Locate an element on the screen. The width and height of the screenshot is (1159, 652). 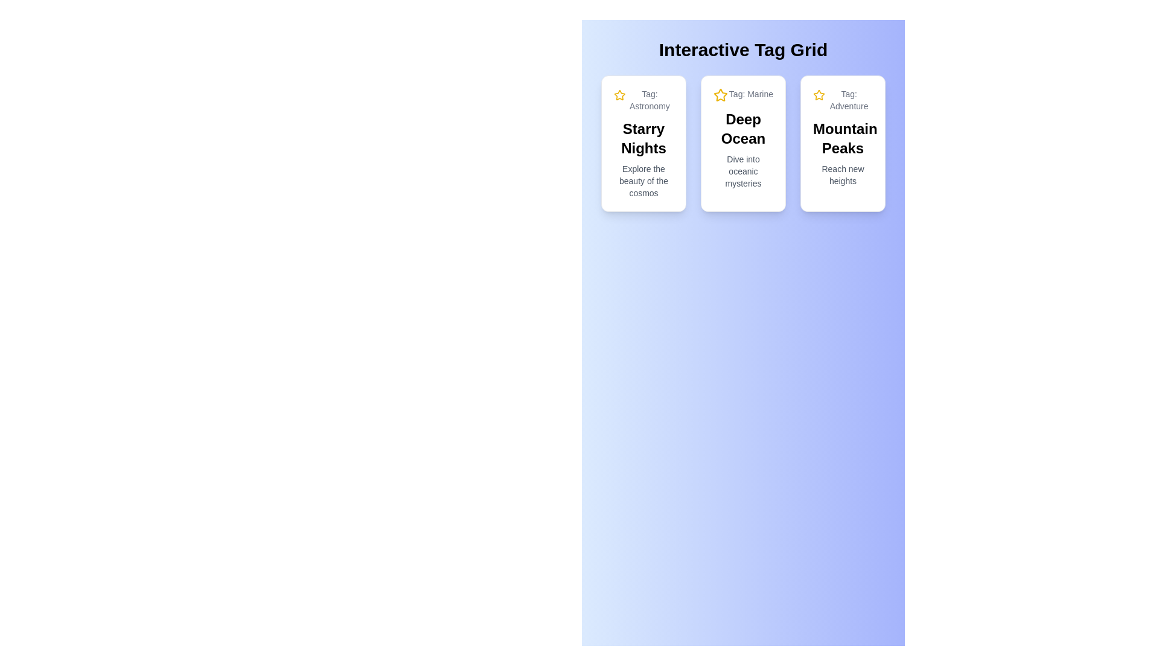
the text label or heading located centrally in the 'Tag: Marine' card, which serves as the main title for the section is located at coordinates (742, 129).